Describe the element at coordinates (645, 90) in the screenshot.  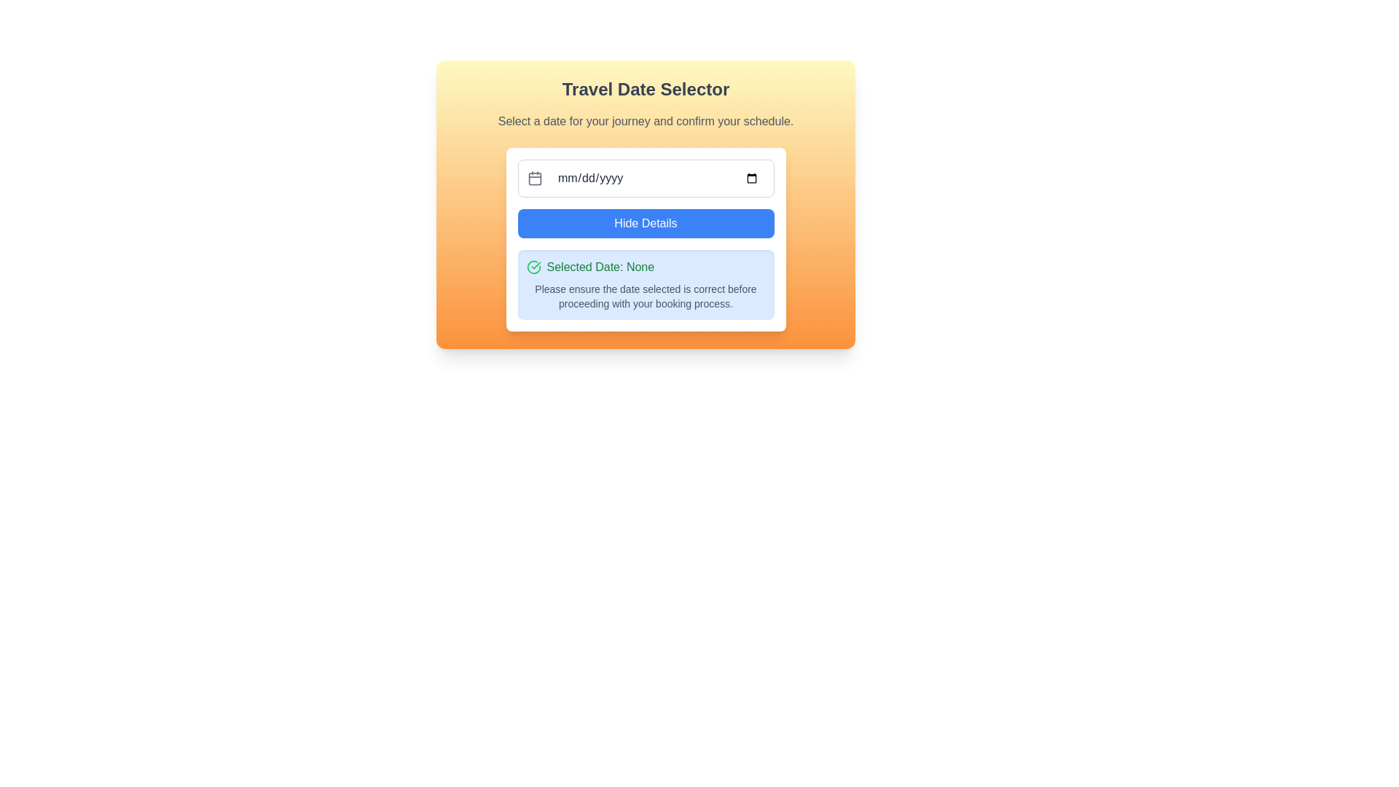
I see `the prominent gray bold text label located at the top center of the panel with a gradient background transitioning from yellow to orange` at that location.